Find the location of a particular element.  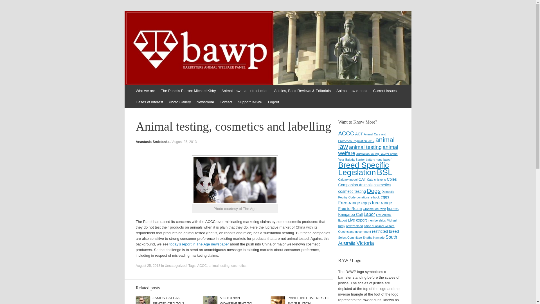

'Companion Animals' is located at coordinates (355, 185).